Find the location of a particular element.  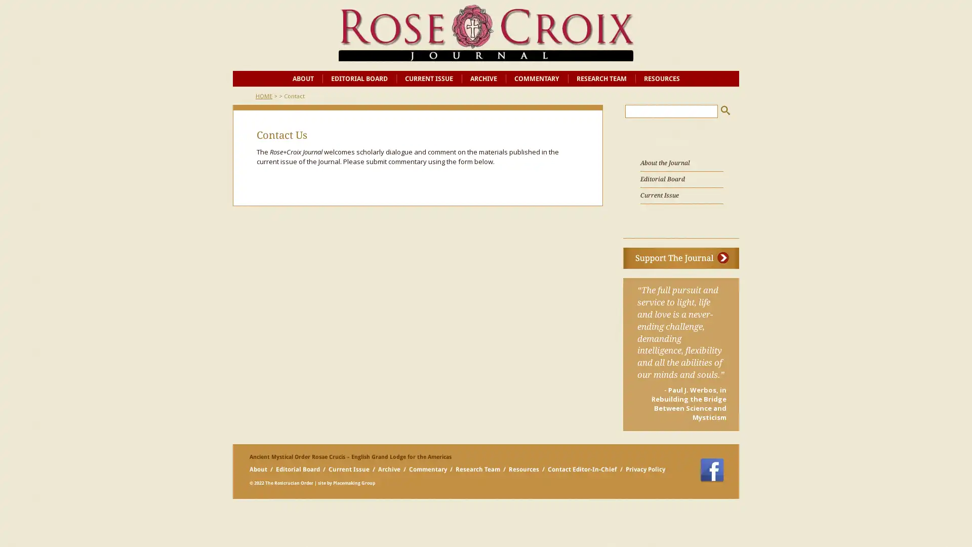

search is located at coordinates (725, 110).